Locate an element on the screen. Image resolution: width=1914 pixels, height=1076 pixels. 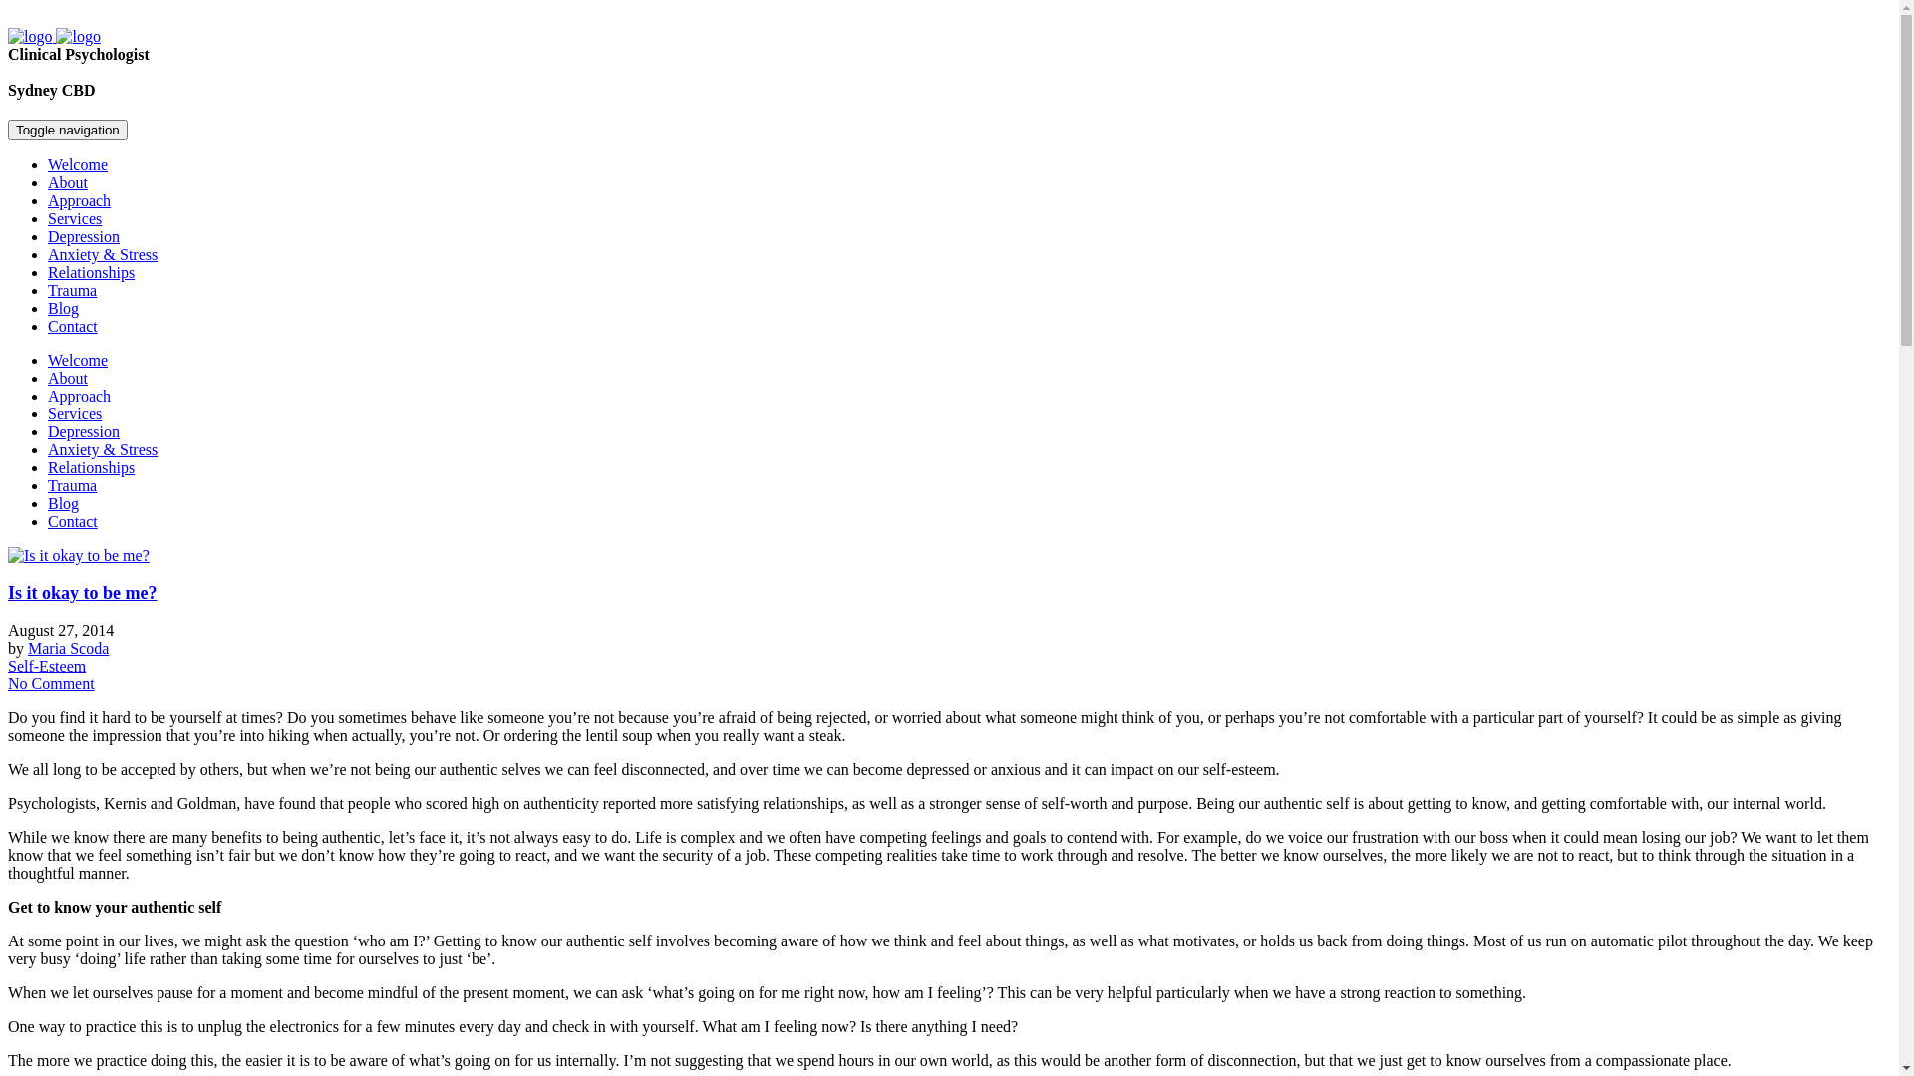
'Toggle navigation' is located at coordinates (8, 130).